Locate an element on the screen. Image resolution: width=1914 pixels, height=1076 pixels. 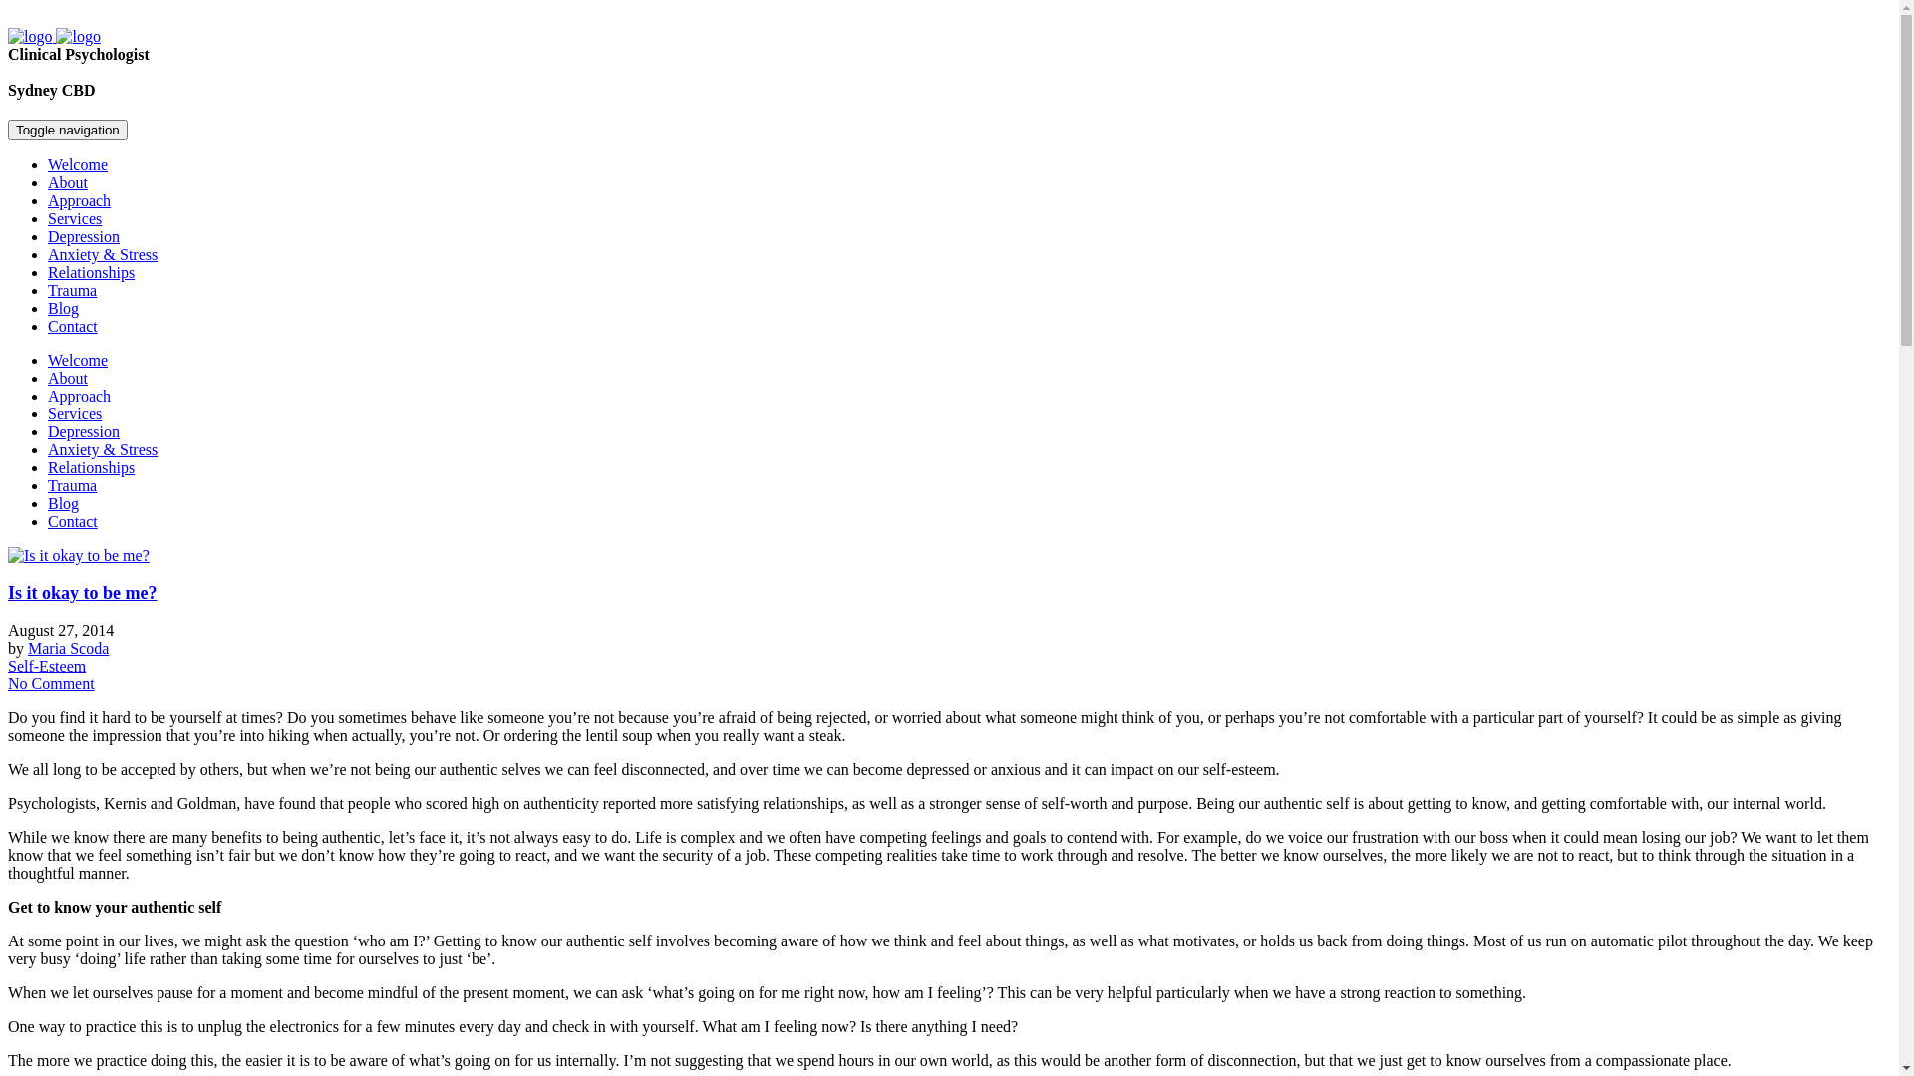
'Toggle navigation' is located at coordinates (8, 130).